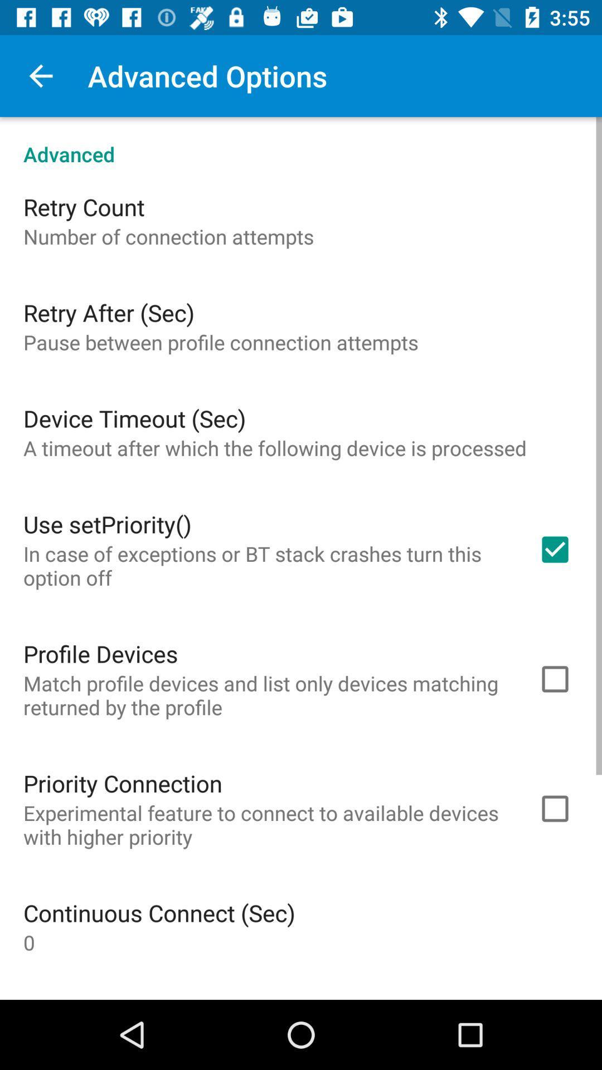  What do you see at coordinates (275, 448) in the screenshot?
I see `icon above use setpriority()` at bounding box center [275, 448].